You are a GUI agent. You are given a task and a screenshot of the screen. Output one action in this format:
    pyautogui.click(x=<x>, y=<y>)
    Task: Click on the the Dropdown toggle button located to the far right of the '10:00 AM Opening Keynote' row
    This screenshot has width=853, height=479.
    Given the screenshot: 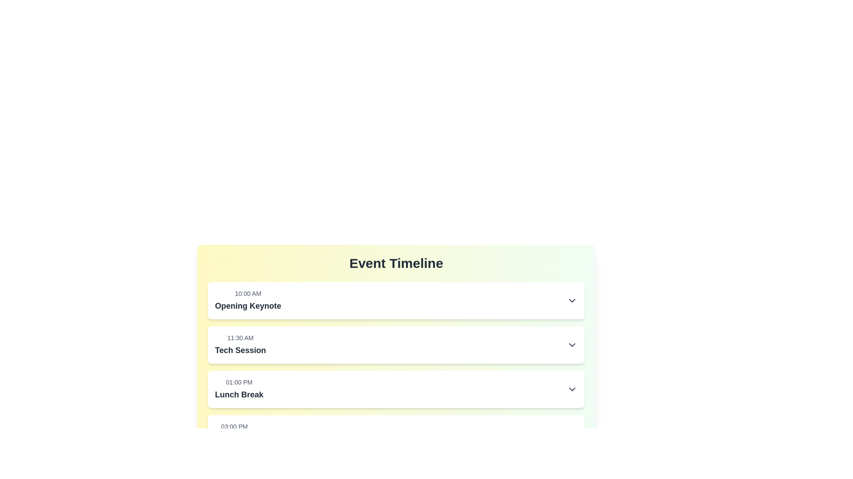 What is the action you would take?
    pyautogui.click(x=572, y=300)
    